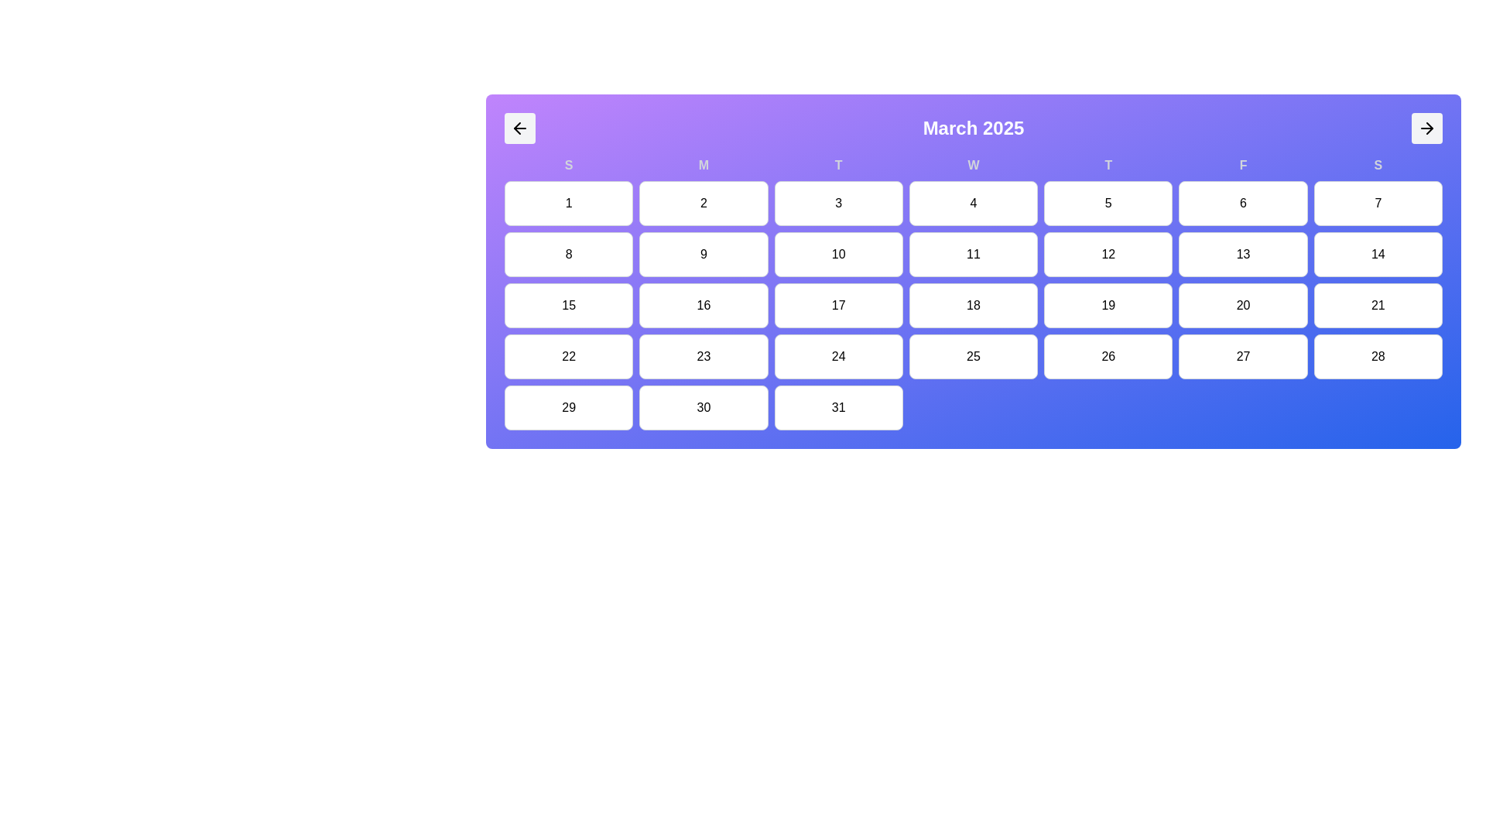  What do you see at coordinates (972, 305) in the screenshot?
I see `the static calendar date tile displaying the 18th of March 2025, located in the fourth column of the third row` at bounding box center [972, 305].